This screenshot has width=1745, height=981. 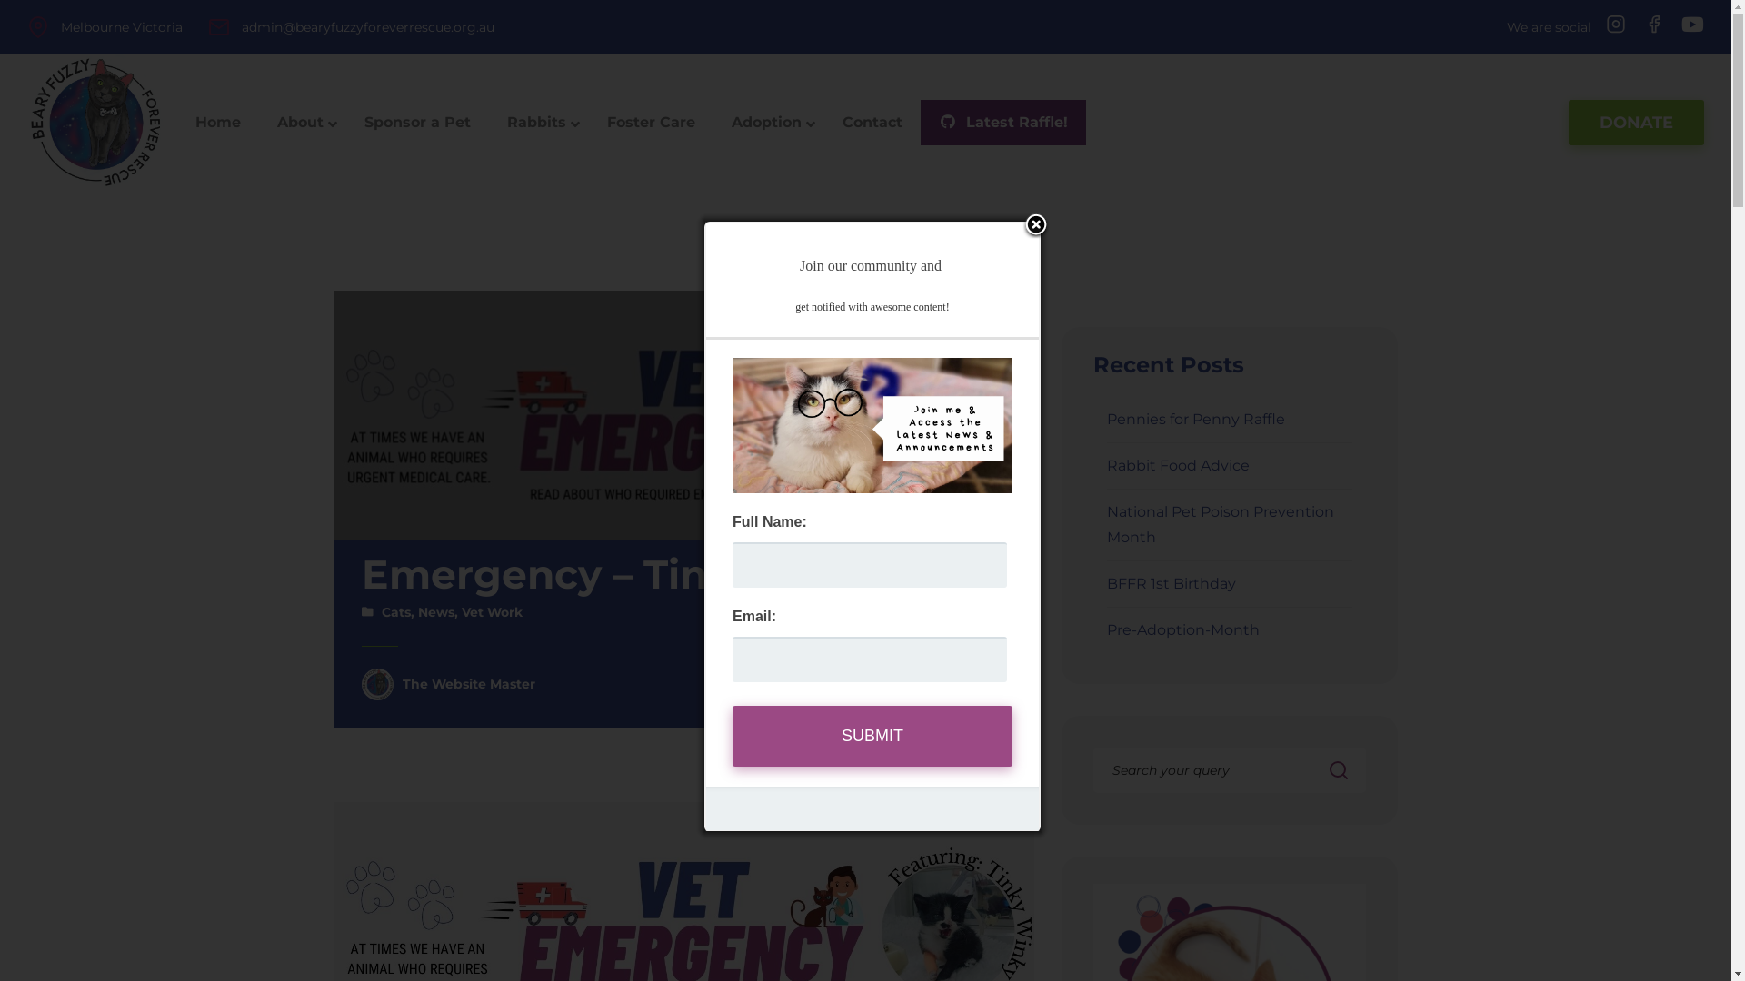 I want to click on 'Beary Fuzzy Forever Rescue', so click(x=95, y=122).